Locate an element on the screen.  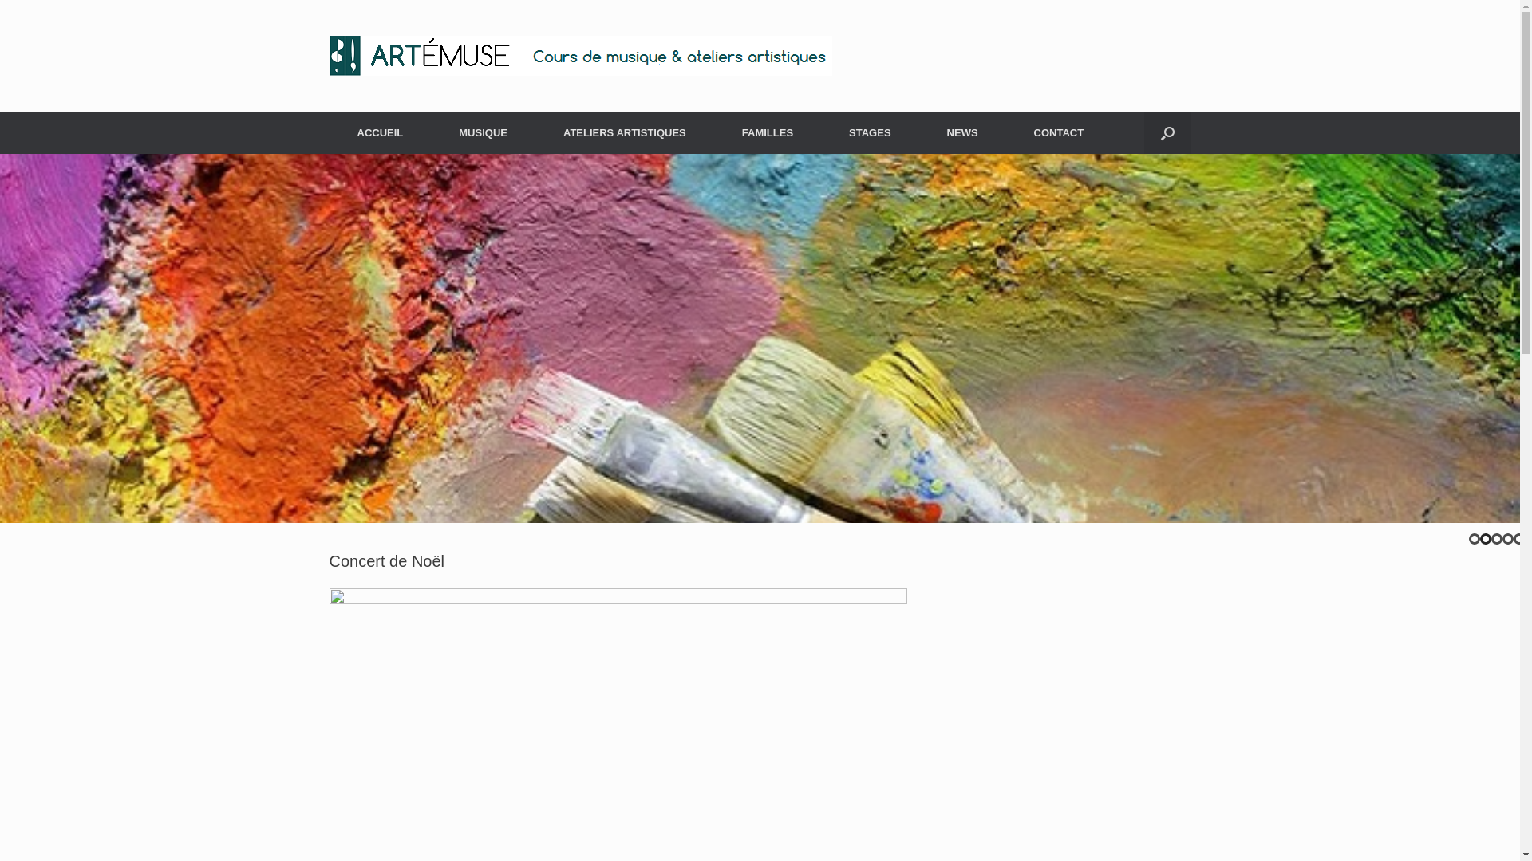
'1' is located at coordinates (1474, 538).